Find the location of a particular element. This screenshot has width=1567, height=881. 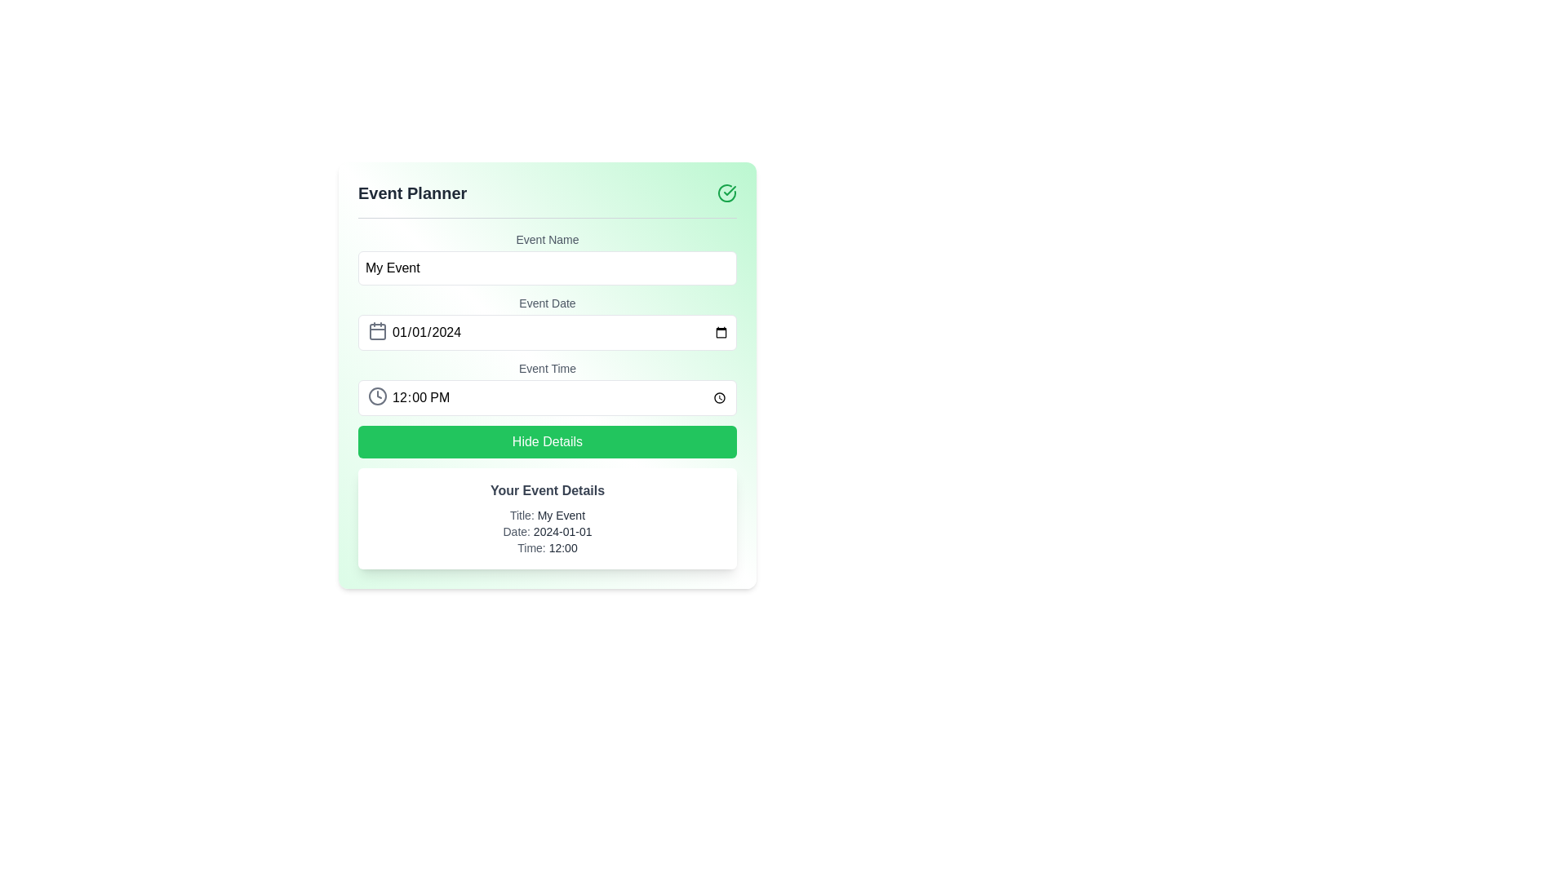

displayed time from the text component showing '12:00', which is styled in dark gray and located below the 'Your Event Details' section after the label 'Time:' is located at coordinates (563, 547).